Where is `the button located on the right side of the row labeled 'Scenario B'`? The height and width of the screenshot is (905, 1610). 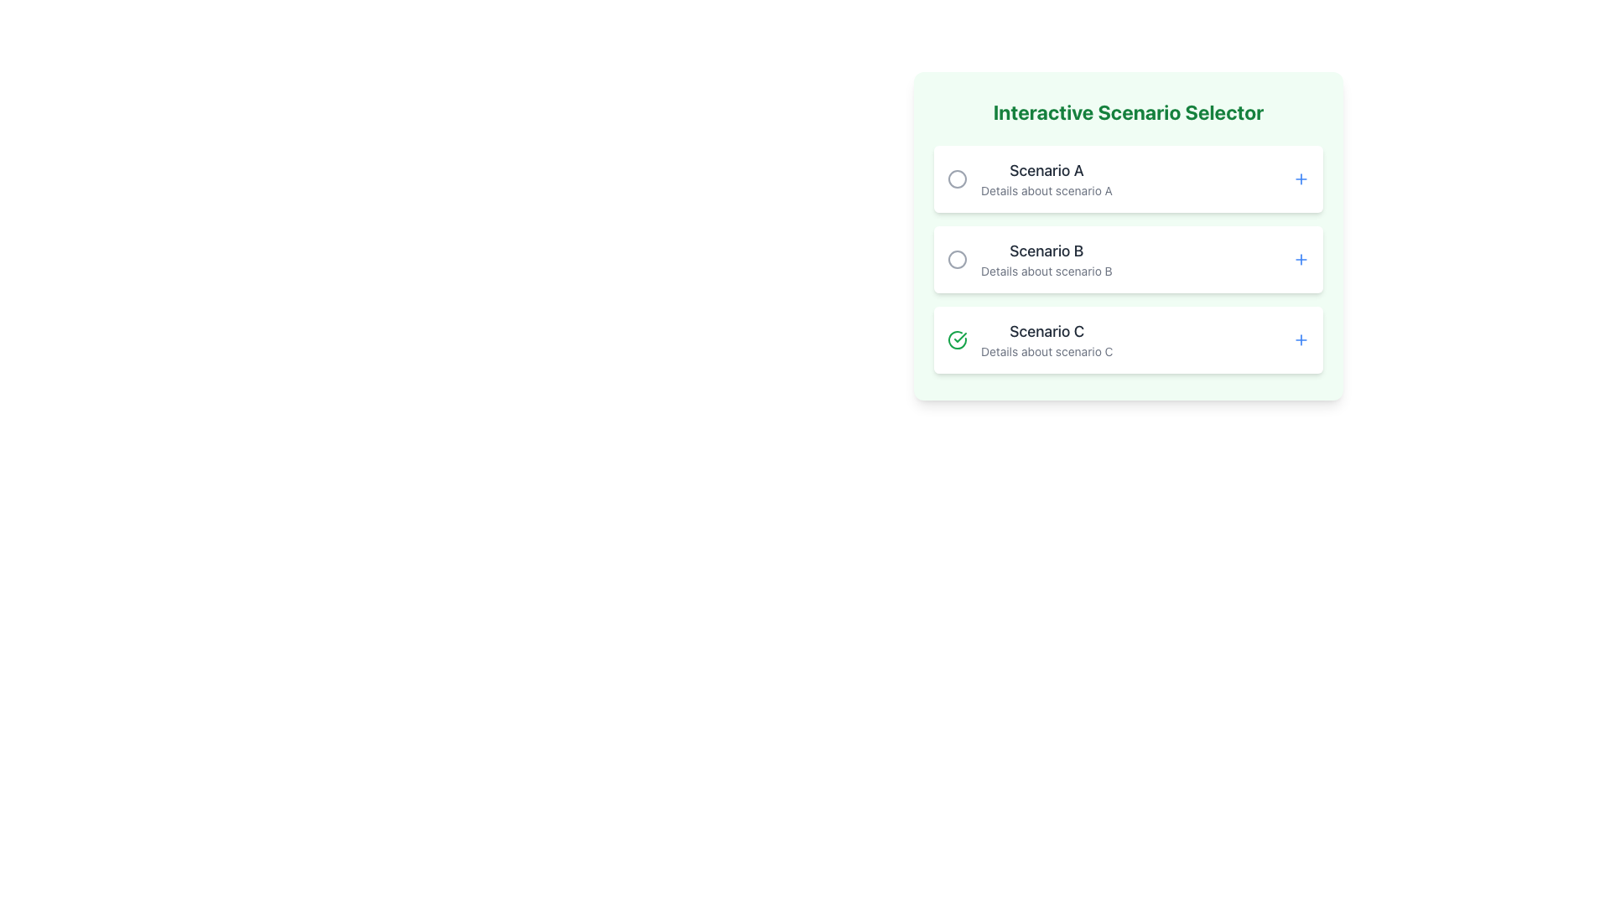 the button located on the right side of the row labeled 'Scenario B' is located at coordinates (1300, 259).